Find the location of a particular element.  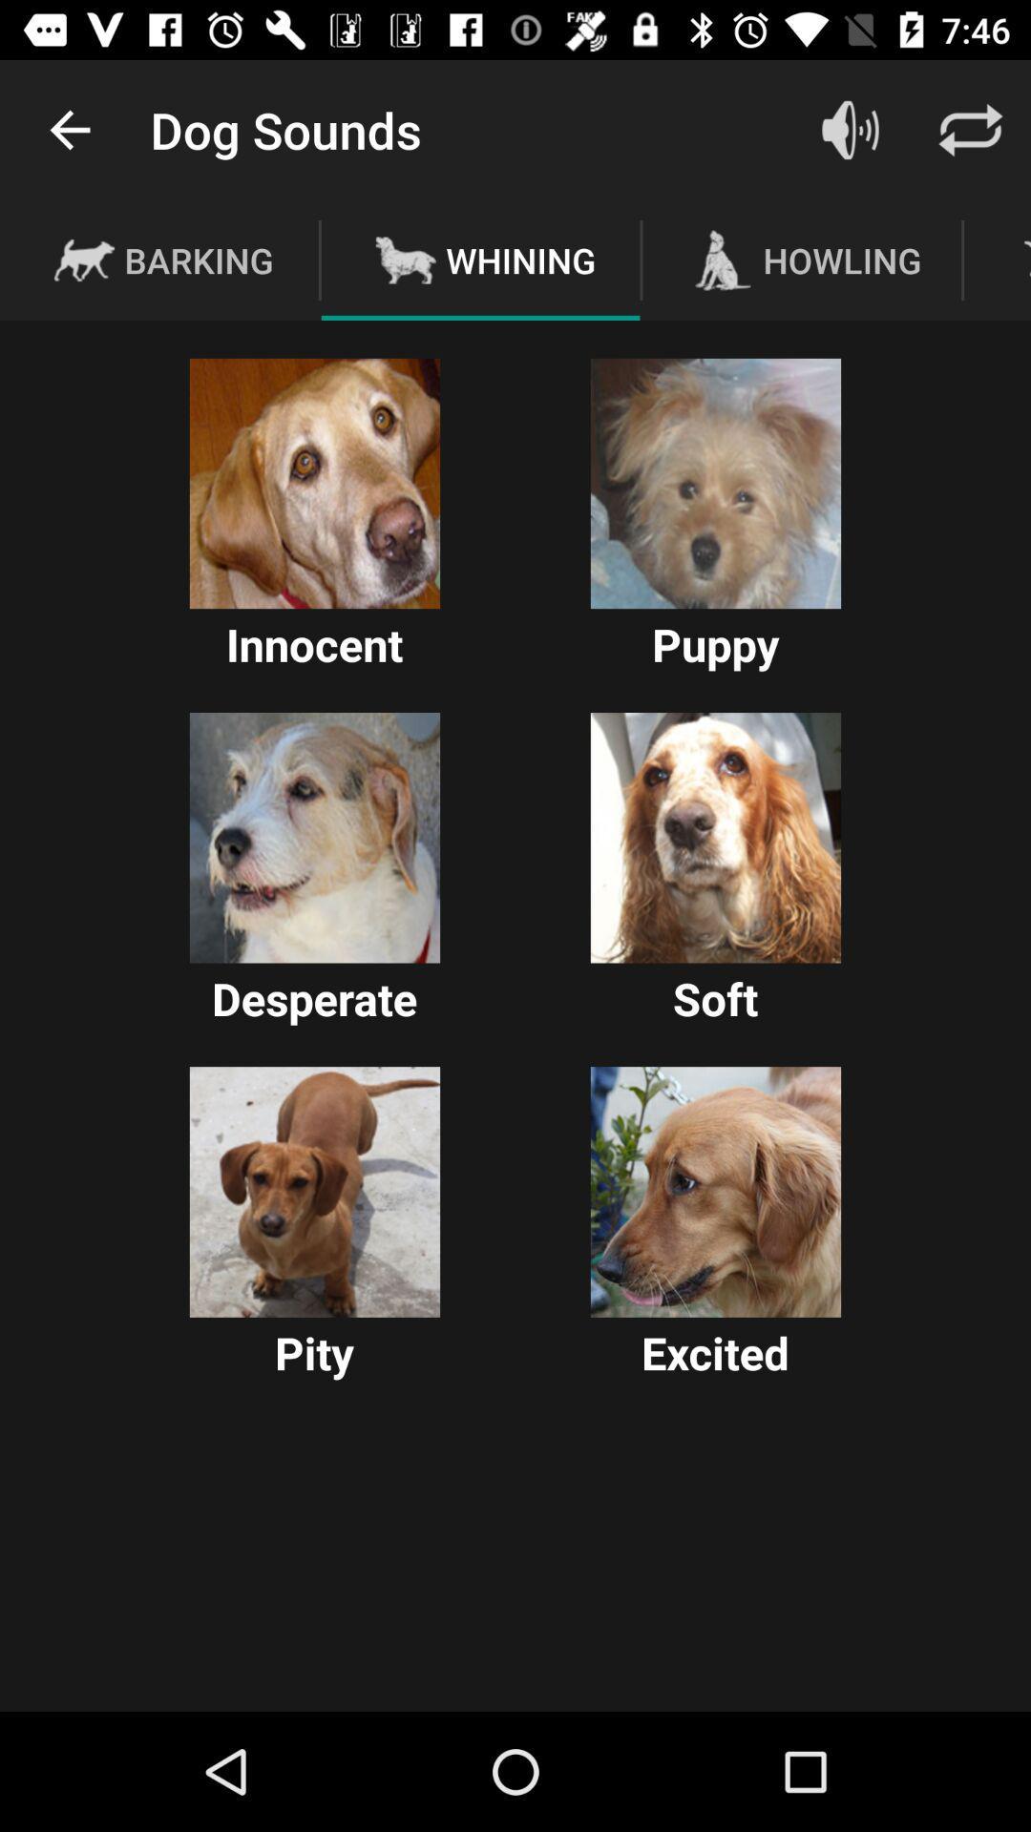

item next to the dog sounds app is located at coordinates (69, 129).